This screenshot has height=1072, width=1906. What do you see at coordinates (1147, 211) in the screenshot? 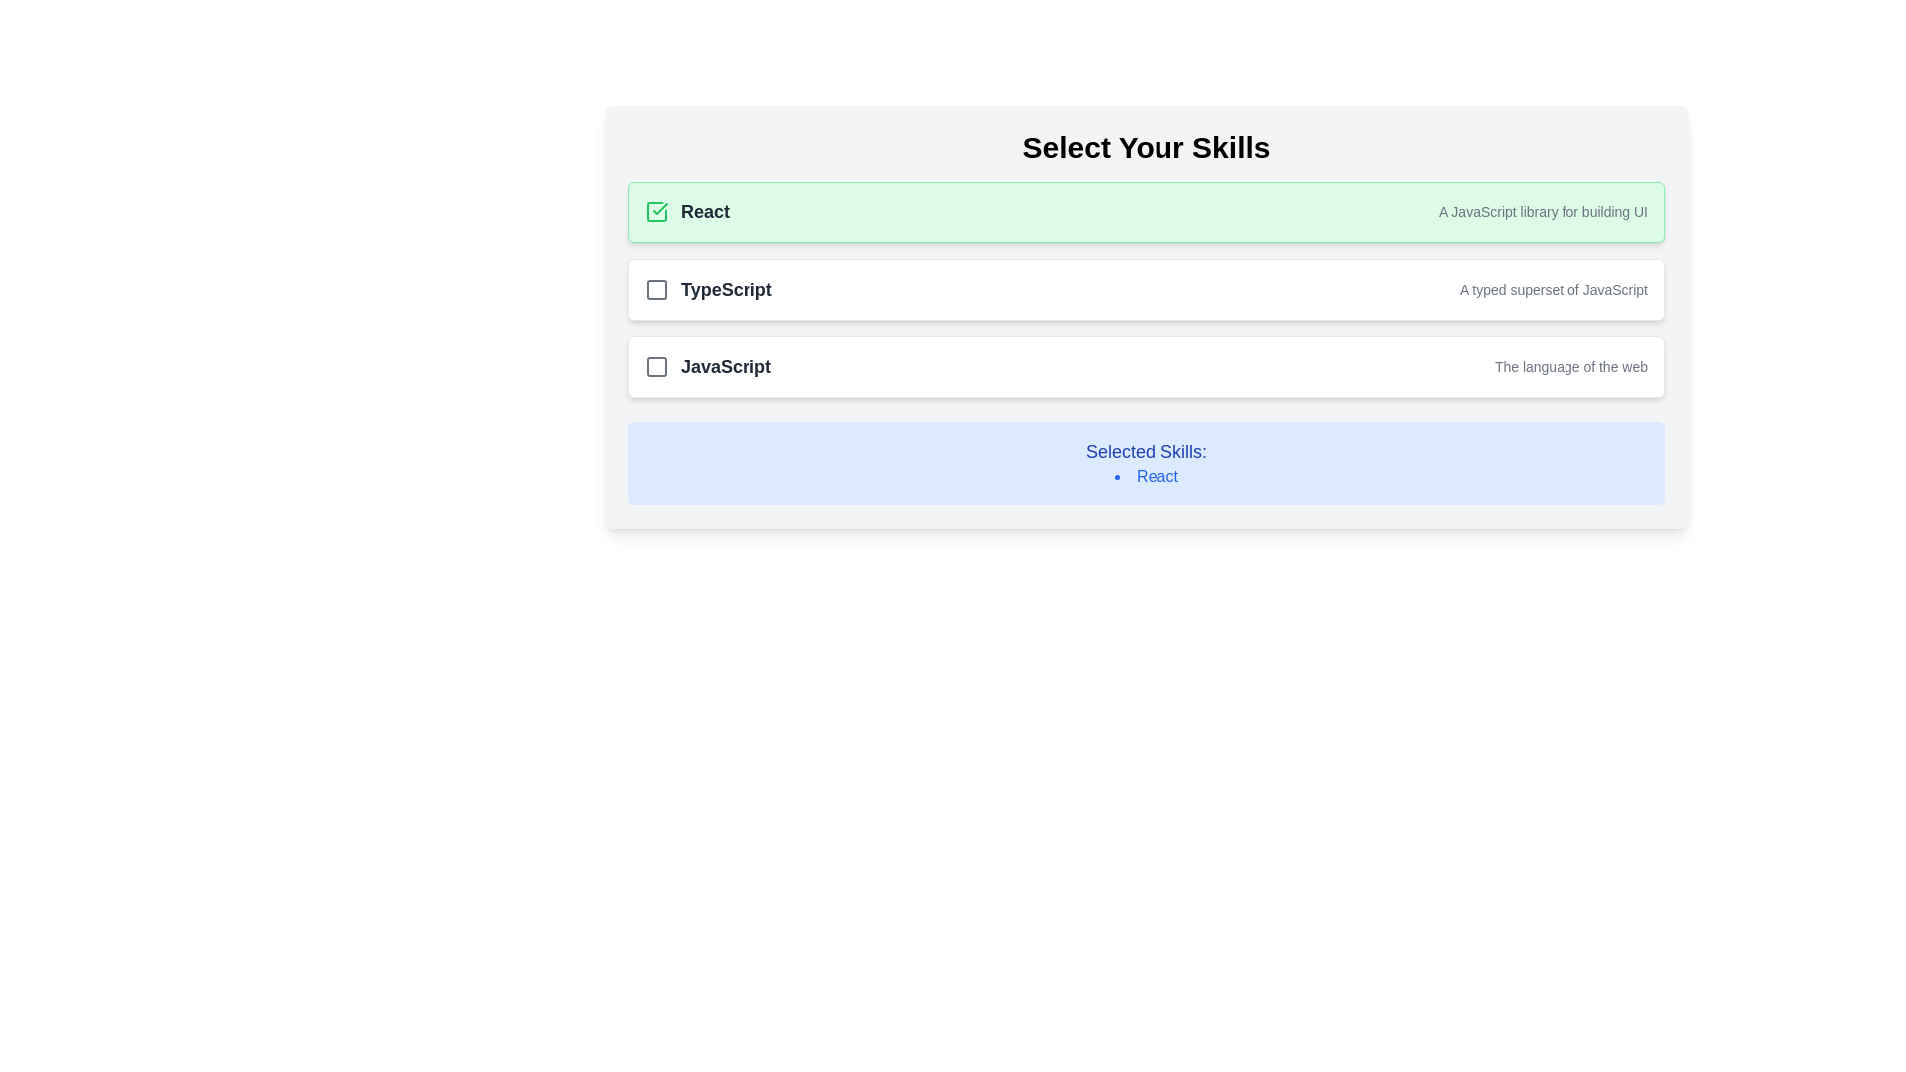
I see `the first selectable list item with a green background labeled 'React'` at bounding box center [1147, 211].